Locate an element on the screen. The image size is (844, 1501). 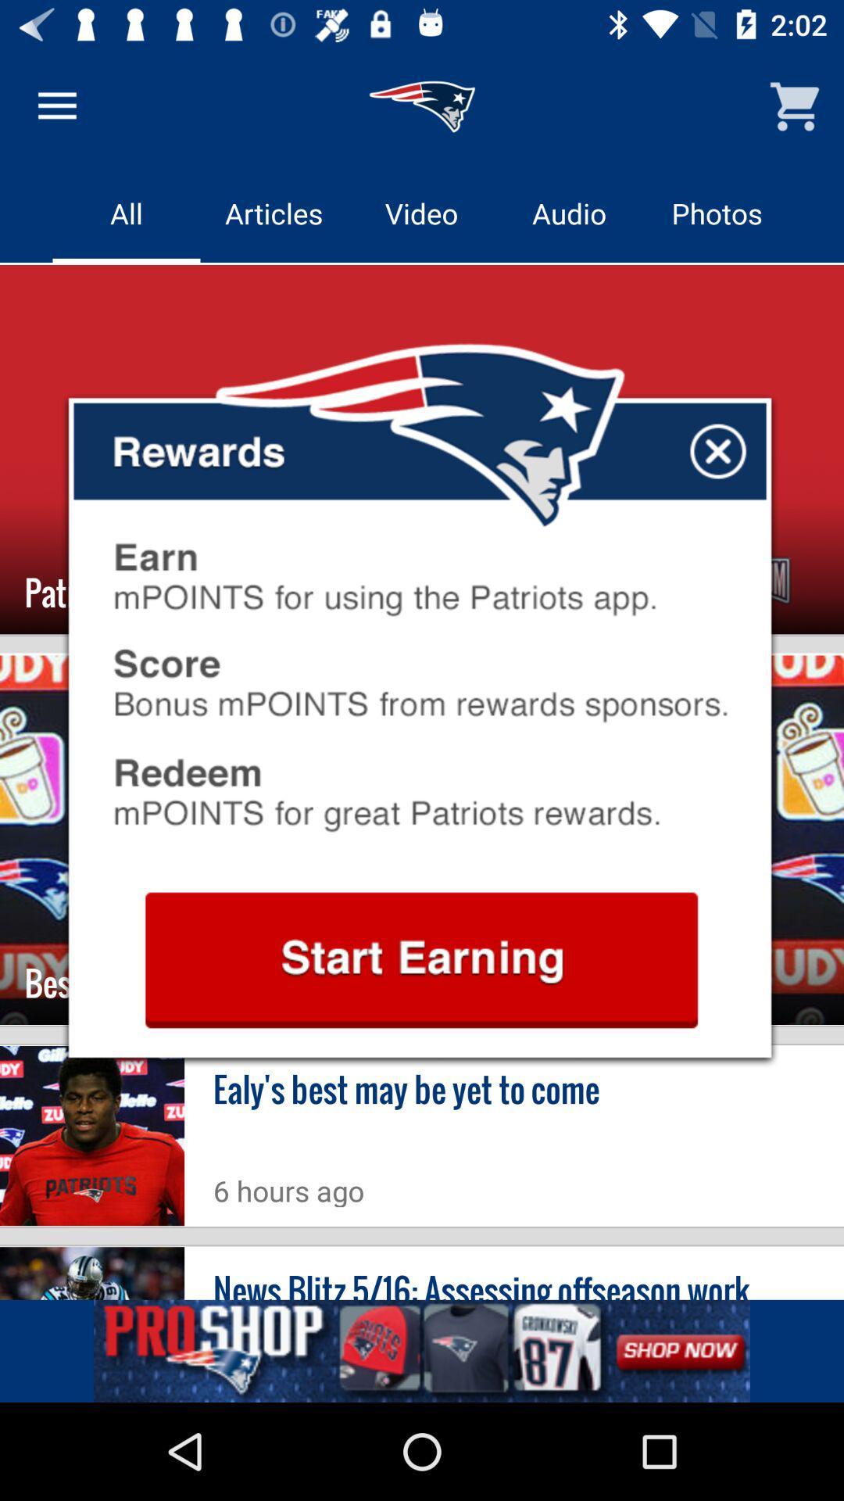
register/open account is located at coordinates (420, 959).